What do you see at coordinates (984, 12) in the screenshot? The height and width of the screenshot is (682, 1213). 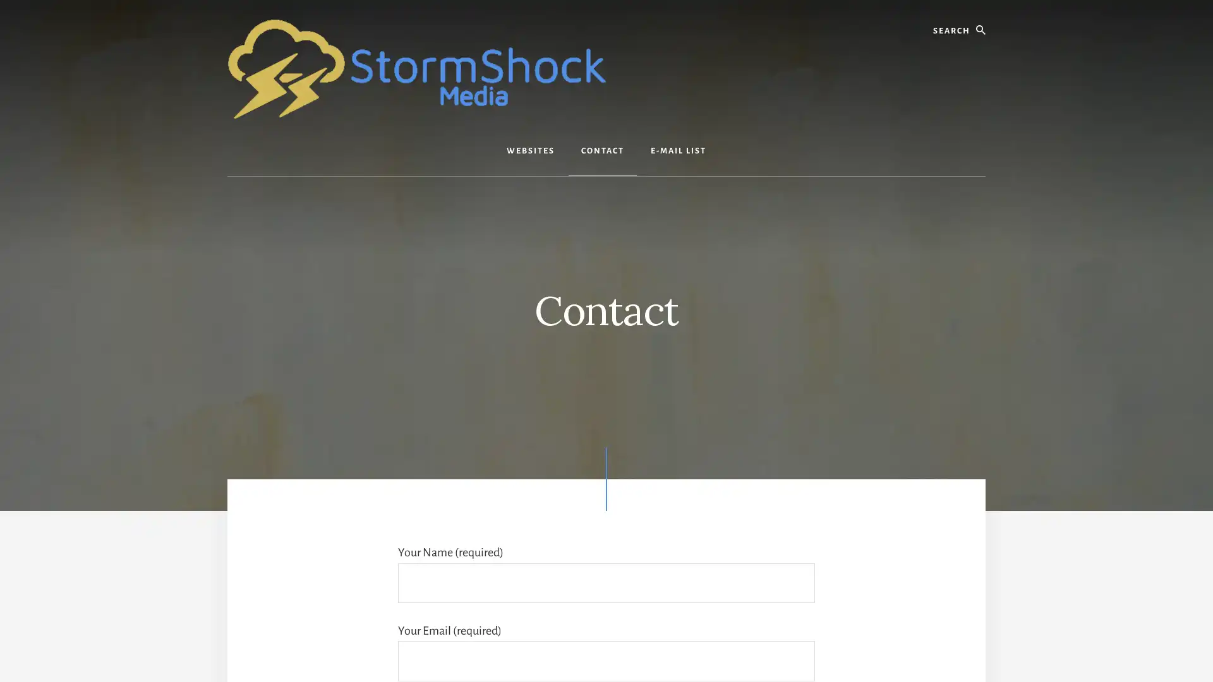 I see `Search` at bounding box center [984, 12].